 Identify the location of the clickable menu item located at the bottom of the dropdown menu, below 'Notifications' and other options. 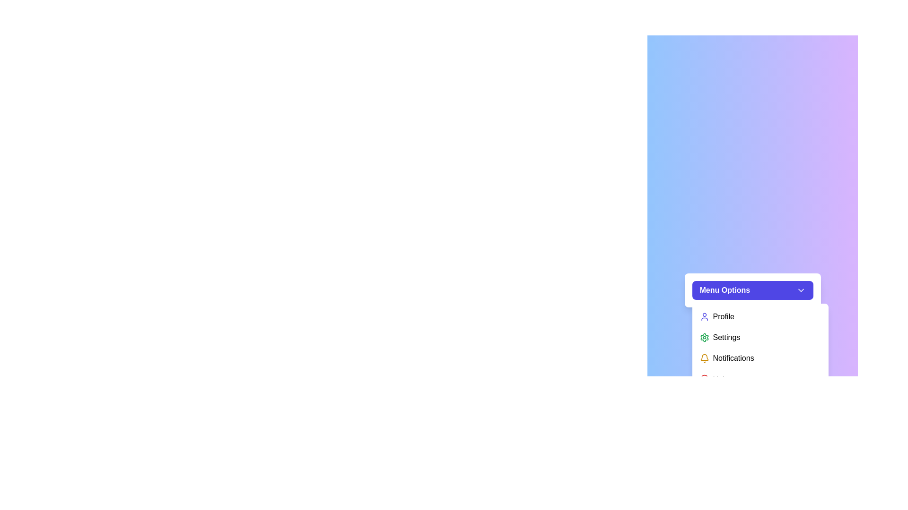
(760, 378).